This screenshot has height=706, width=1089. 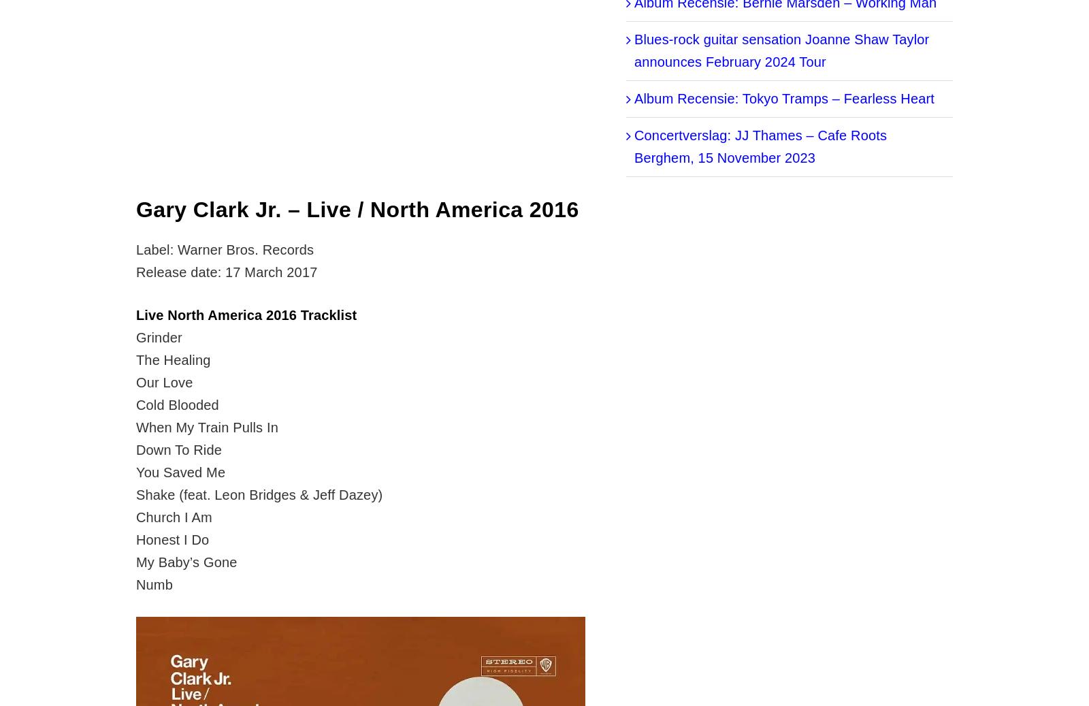 I want to click on 'When My Train Pulls In', so click(x=135, y=428).